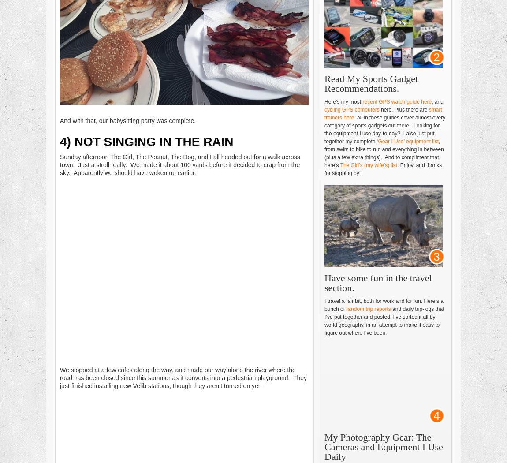 Image resolution: width=507 pixels, height=463 pixels. What do you see at coordinates (383, 169) in the screenshot?
I see `'. Enjoy, and thanks for stopping by!'` at bounding box center [383, 169].